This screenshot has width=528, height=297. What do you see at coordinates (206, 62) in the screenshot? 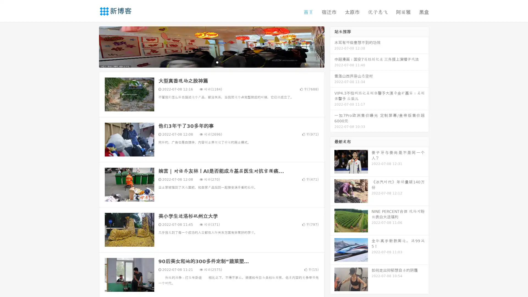
I see `Go to slide 1` at bounding box center [206, 62].